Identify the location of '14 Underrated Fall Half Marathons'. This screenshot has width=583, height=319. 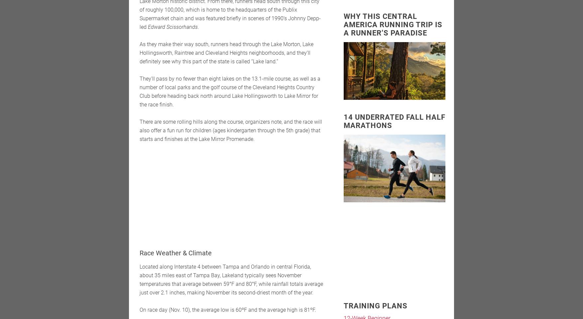
(343, 121).